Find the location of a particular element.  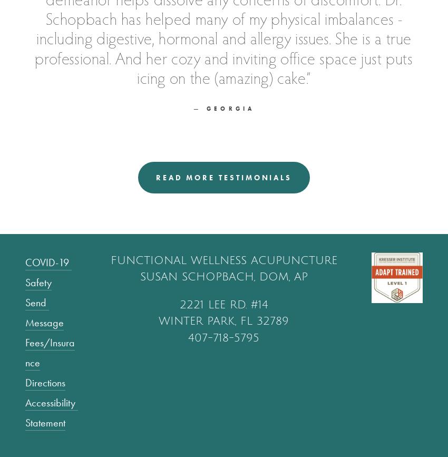

'Accessibility Statement' is located at coordinates (51, 412).